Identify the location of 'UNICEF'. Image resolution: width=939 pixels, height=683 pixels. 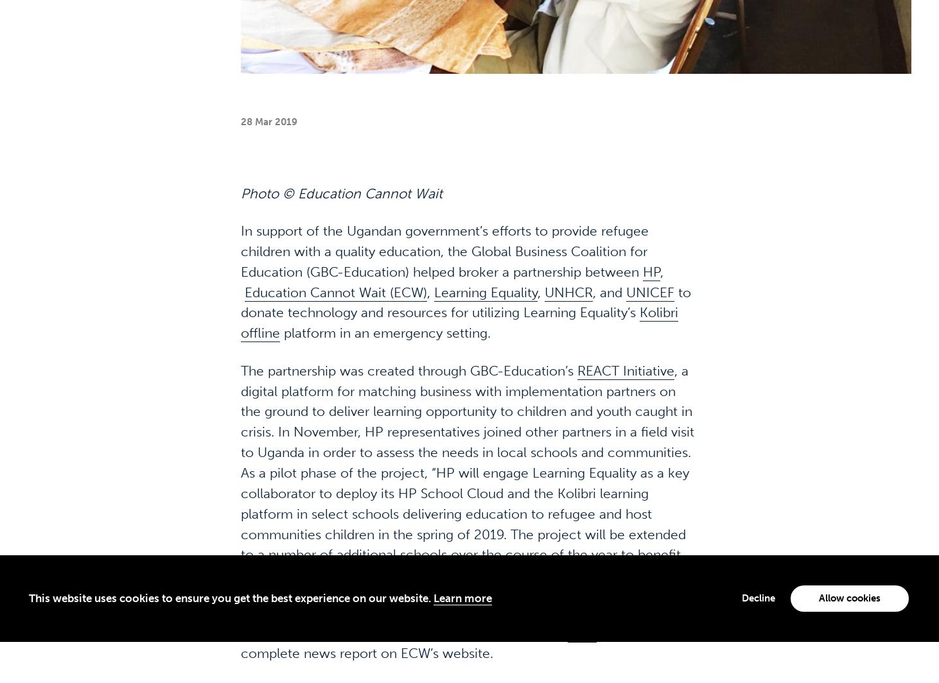
(649, 251).